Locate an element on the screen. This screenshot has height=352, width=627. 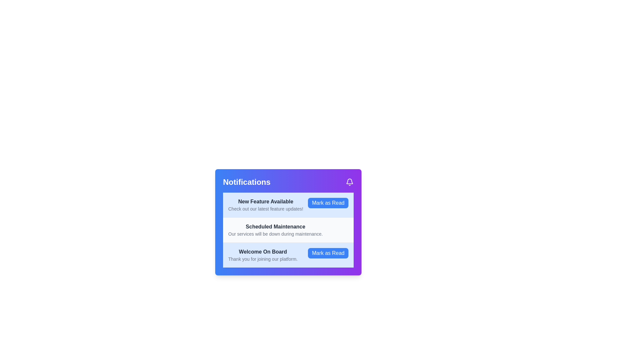
text label that says 'Check out our latest feature updates!' located underneath the heading 'New Feature Available' in the topmost notification card of the 'Notifications' widget is located at coordinates (265, 209).